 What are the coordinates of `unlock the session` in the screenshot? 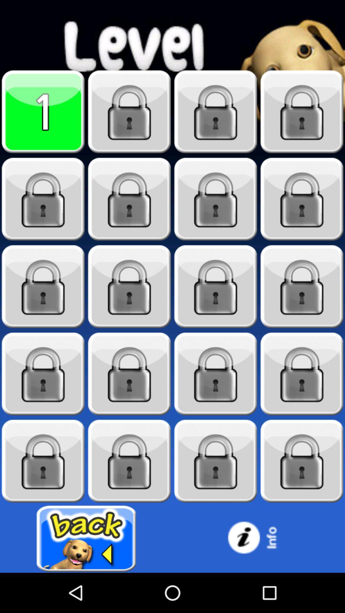 It's located at (43, 199).